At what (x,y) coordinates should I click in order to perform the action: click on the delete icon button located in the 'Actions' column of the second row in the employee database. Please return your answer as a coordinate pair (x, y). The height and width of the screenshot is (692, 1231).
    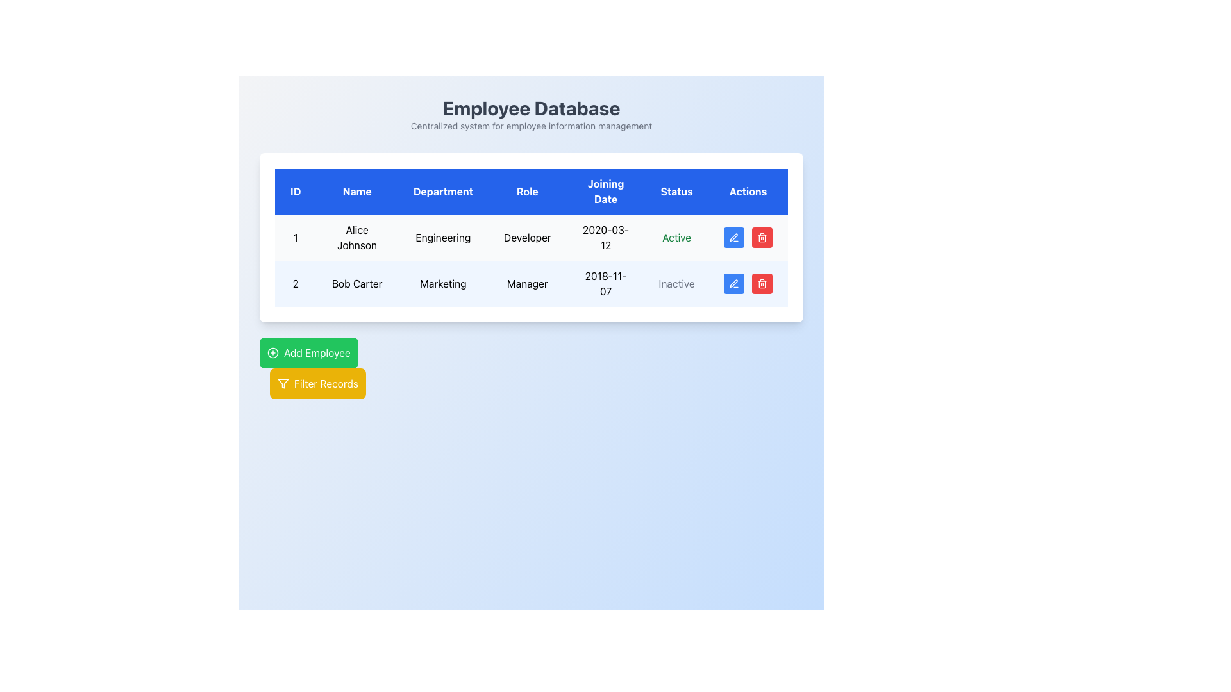
    Looking at the image, I should click on (762, 283).